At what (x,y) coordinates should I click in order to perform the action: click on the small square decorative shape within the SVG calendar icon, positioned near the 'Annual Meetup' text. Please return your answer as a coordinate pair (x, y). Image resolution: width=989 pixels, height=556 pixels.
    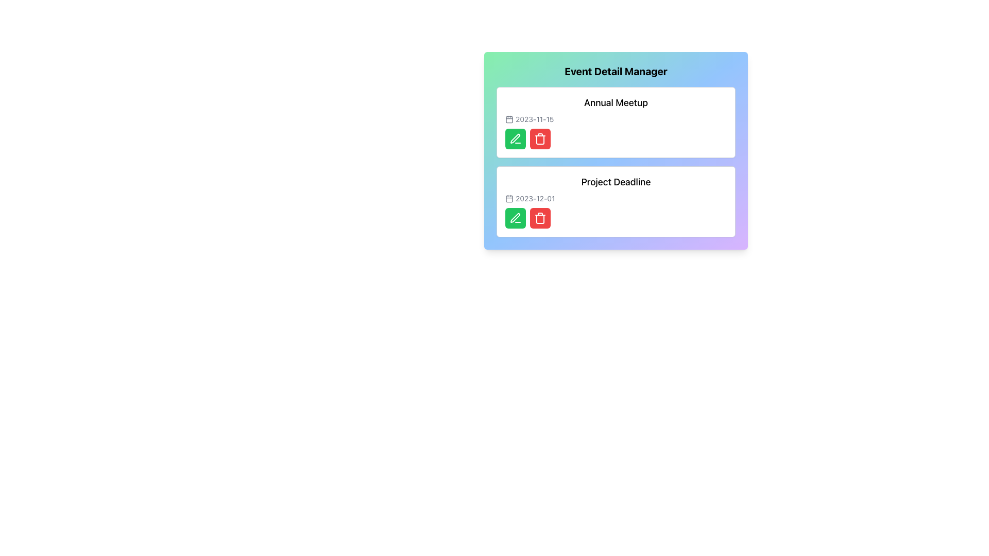
    Looking at the image, I should click on (509, 118).